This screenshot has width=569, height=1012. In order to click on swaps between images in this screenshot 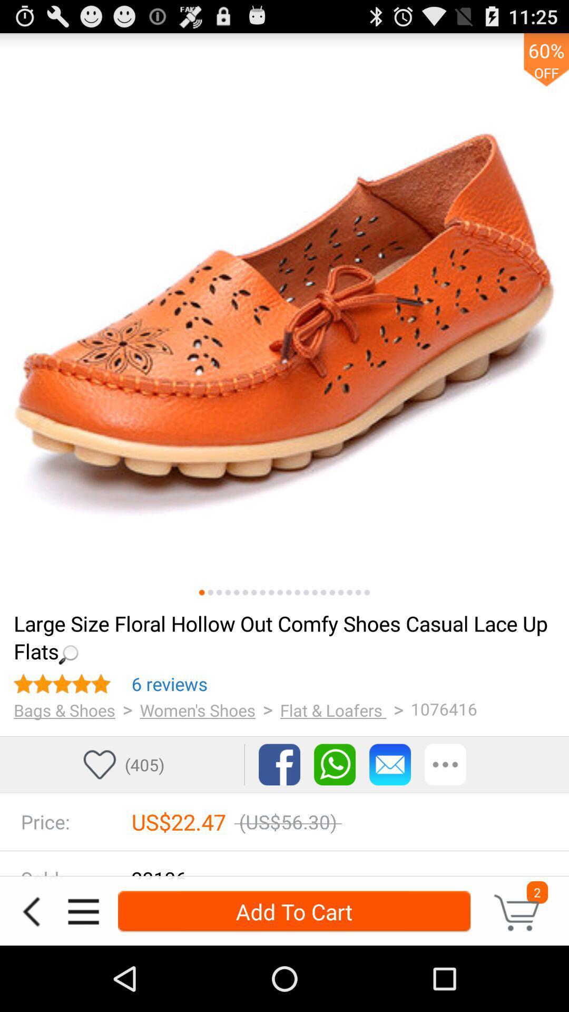, I will do `click(284, 317)`.